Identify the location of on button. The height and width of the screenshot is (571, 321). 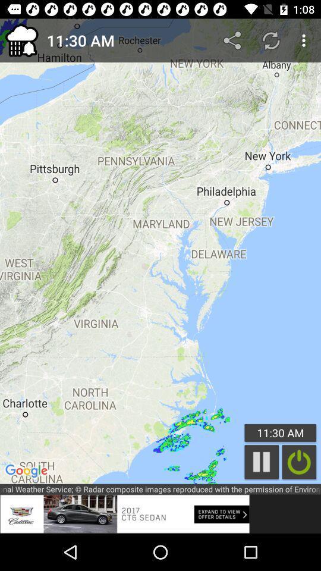
(298, 462).